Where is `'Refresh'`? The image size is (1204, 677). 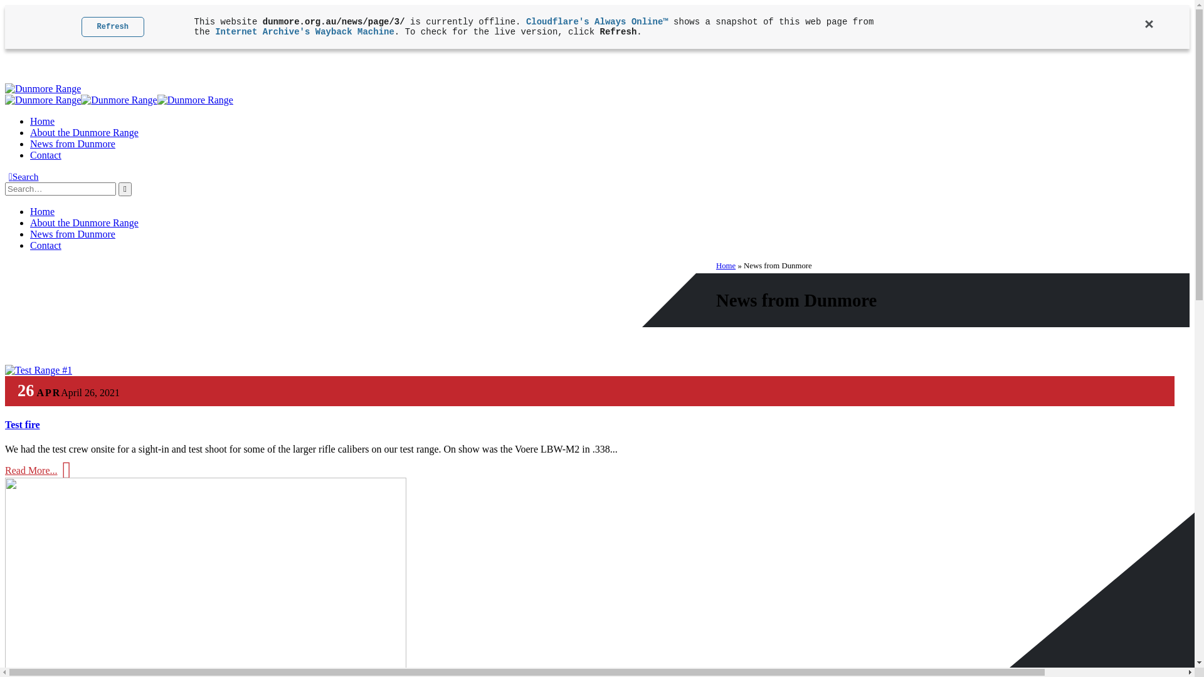 'Refresh' is located at coordinates (80, 26).